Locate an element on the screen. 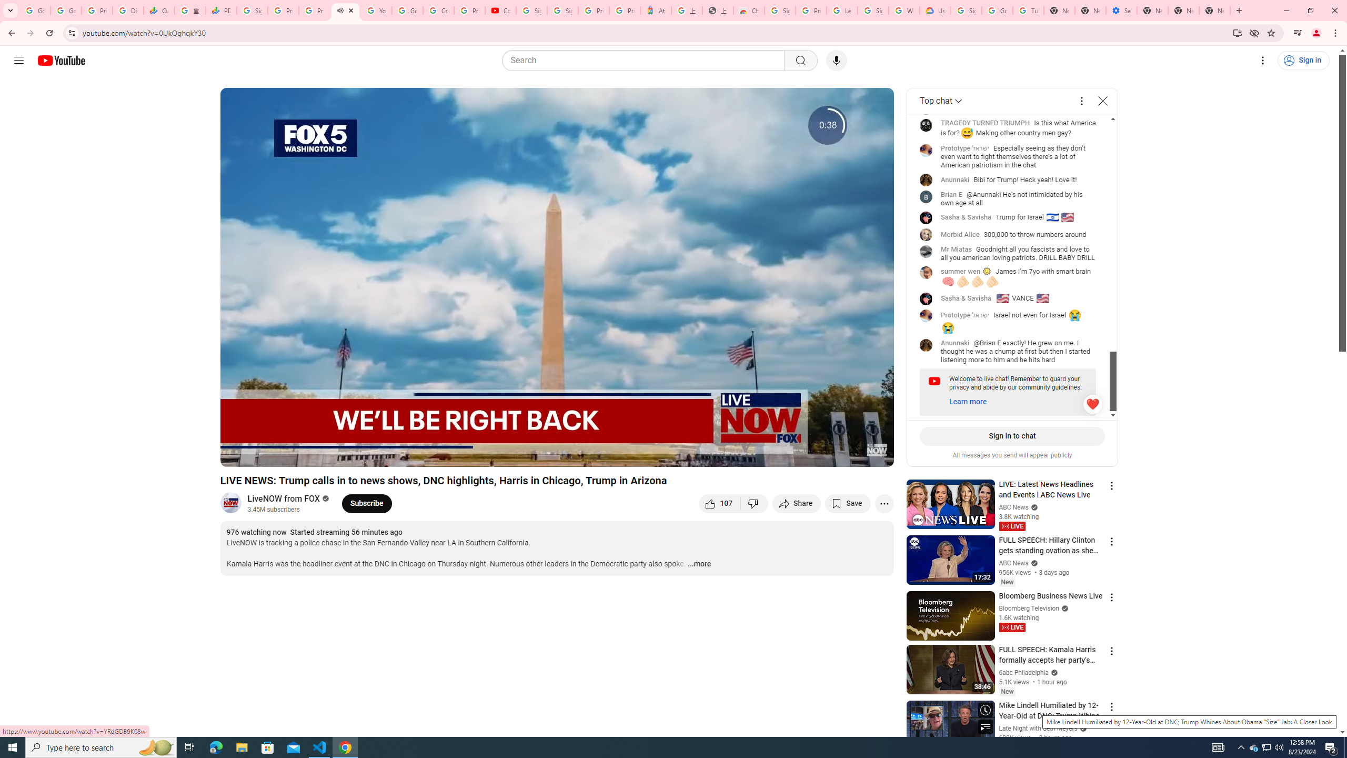  'like this video along with 107 other people' is located at coordinates (719, 503).